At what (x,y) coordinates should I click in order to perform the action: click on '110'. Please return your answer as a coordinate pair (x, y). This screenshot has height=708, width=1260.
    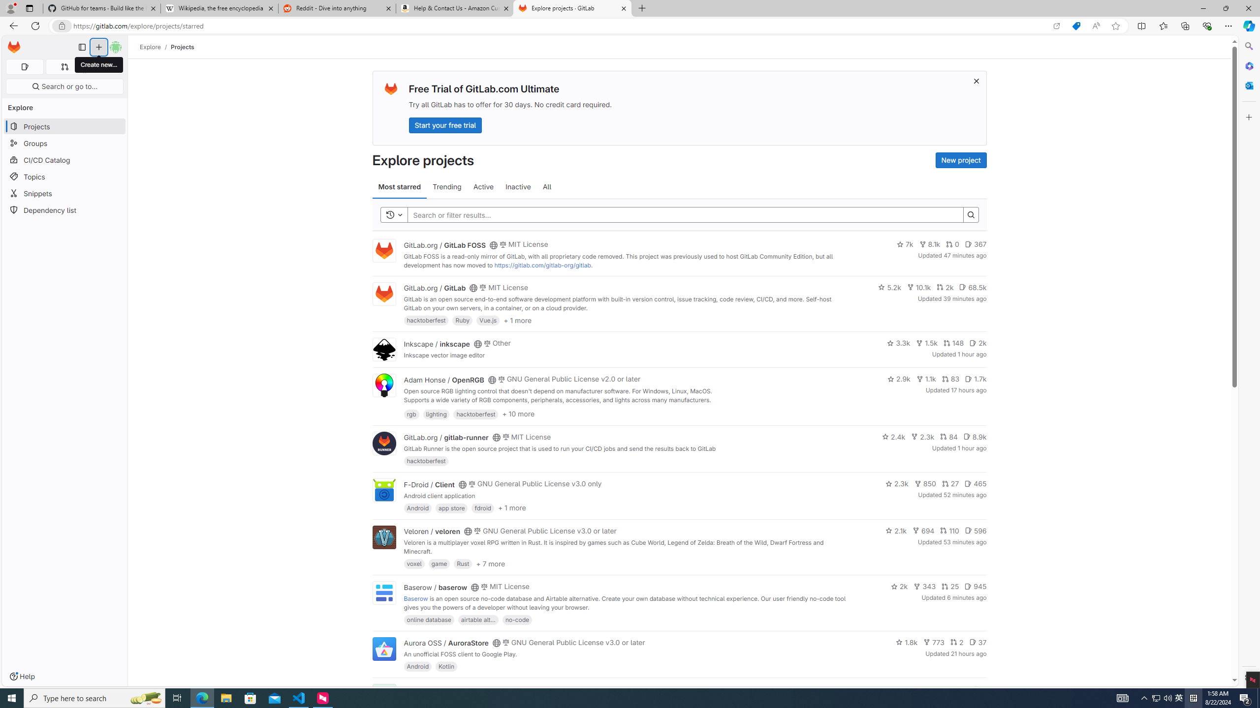
    Looking at the image, I should click on (949, 531).